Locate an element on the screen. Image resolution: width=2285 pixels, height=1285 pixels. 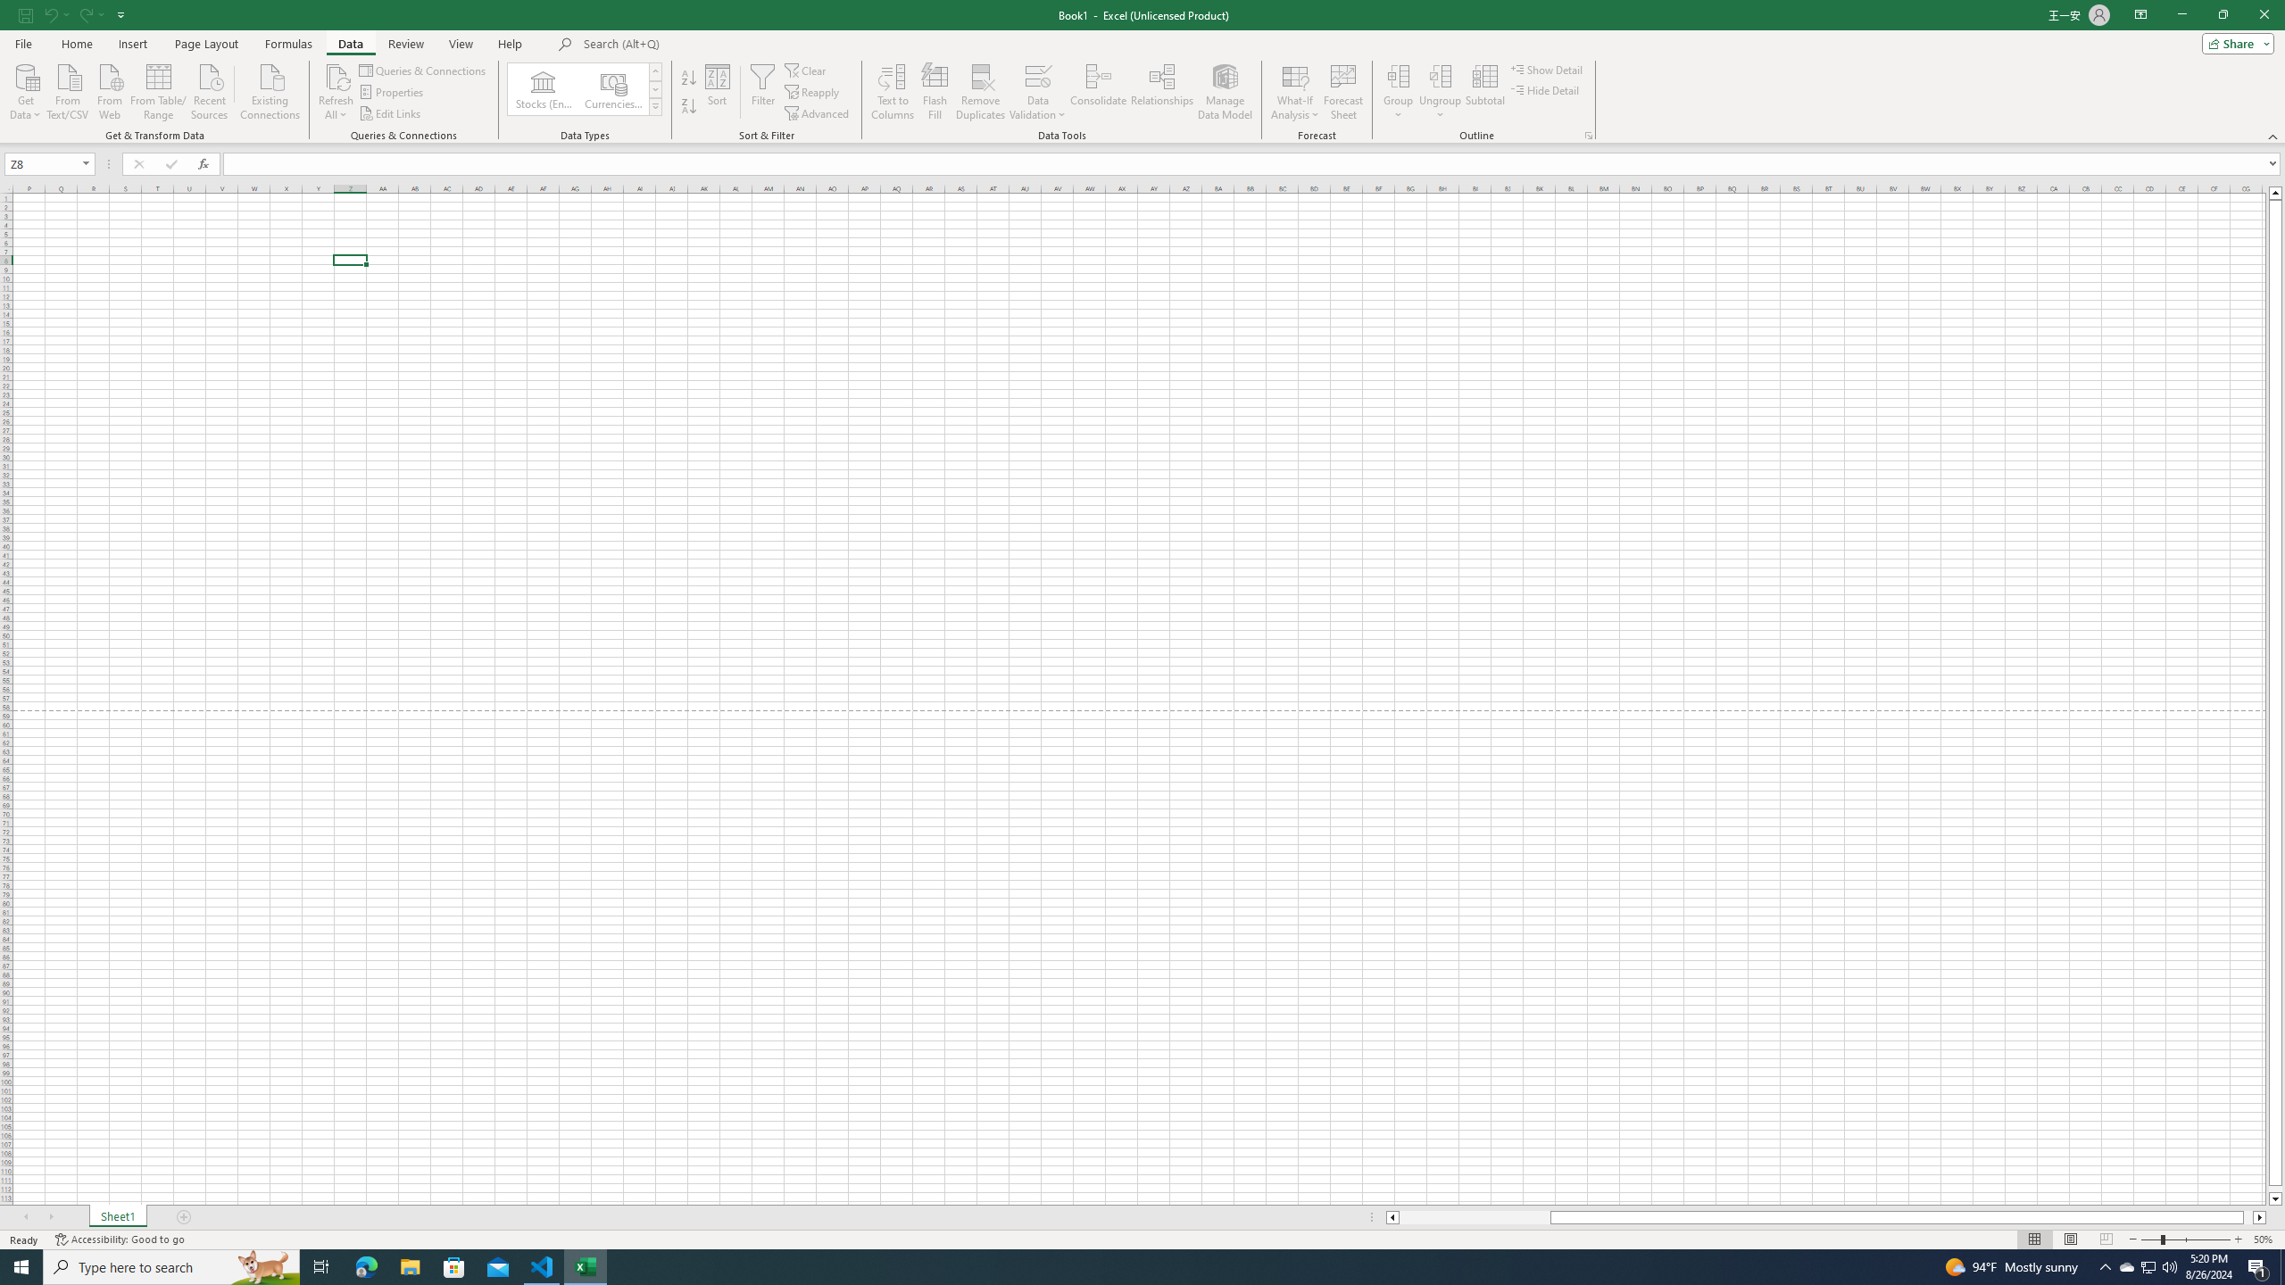
'Column left' is located at coordinates (1391, 1216).